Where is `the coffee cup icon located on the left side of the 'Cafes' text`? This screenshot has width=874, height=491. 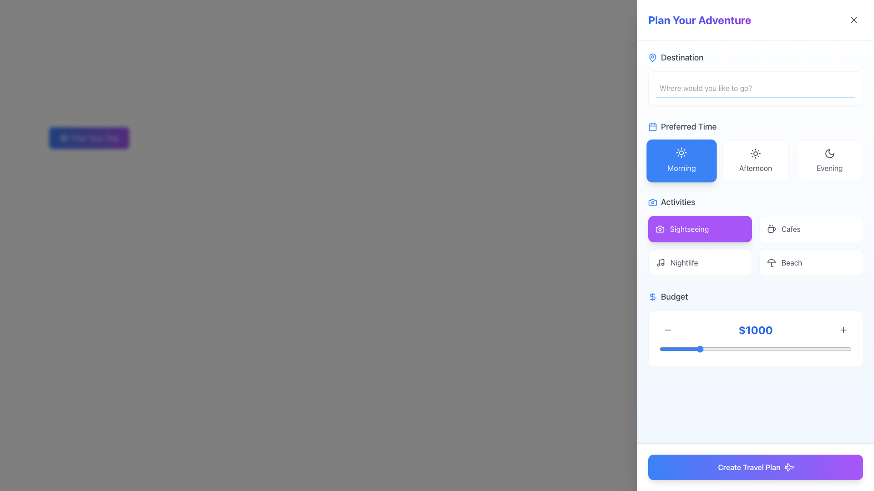
the coffee cup icon located on the left side of the 'Cafes' text is located at coordinates (771, 229).